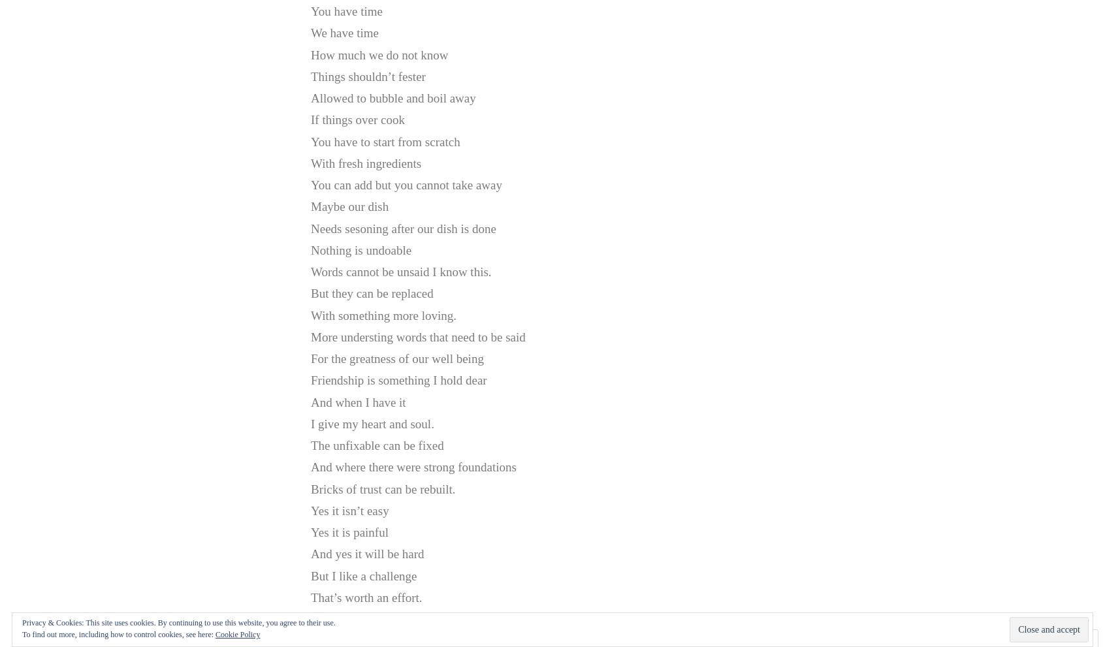  What do you see at coordinates (349, 510) in the screenshot?
I see `'Yes it isn’t easy'` at bounding box center [349, 510].